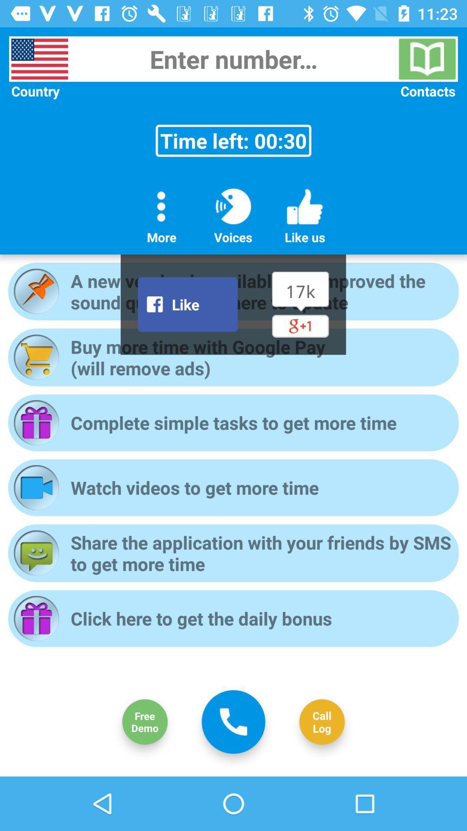  What do you see at coordinates (233, 721) in the screenshot?
I see `the call icon` at bounding box center [233, 721].